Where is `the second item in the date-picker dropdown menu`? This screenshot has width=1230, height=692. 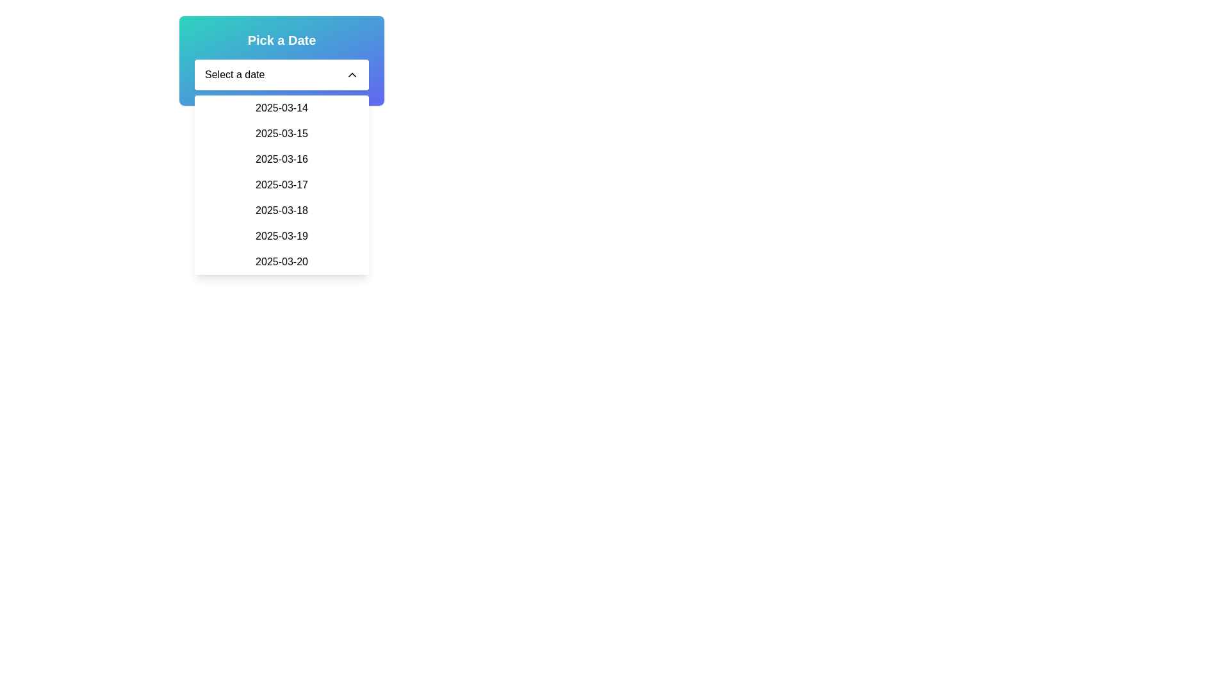 the second item in the date-picker dropdown menu is located at coordinates (281, 133).